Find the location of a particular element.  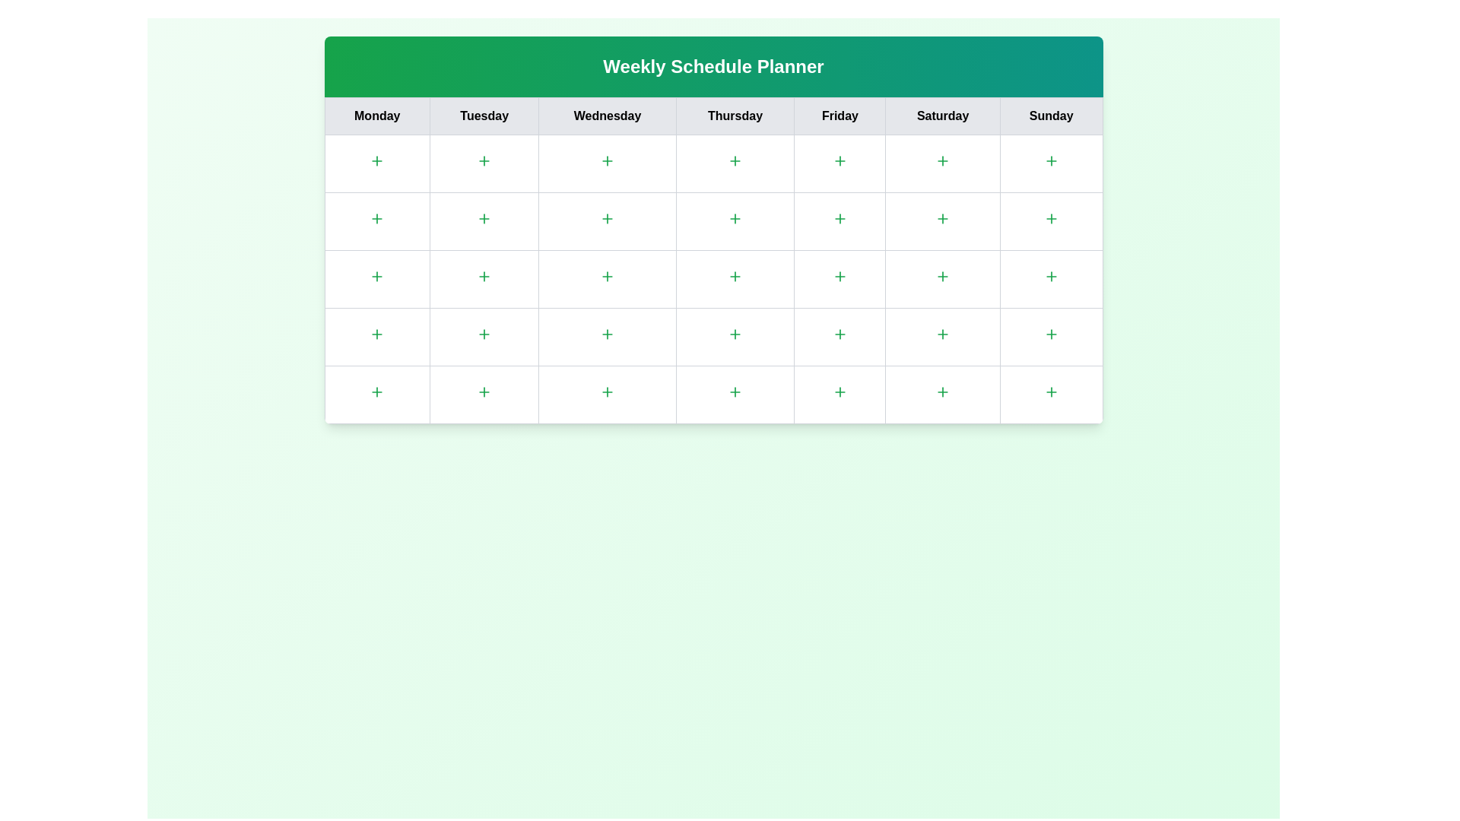

the column header for Wednesday is located at coordinates (607, 116).